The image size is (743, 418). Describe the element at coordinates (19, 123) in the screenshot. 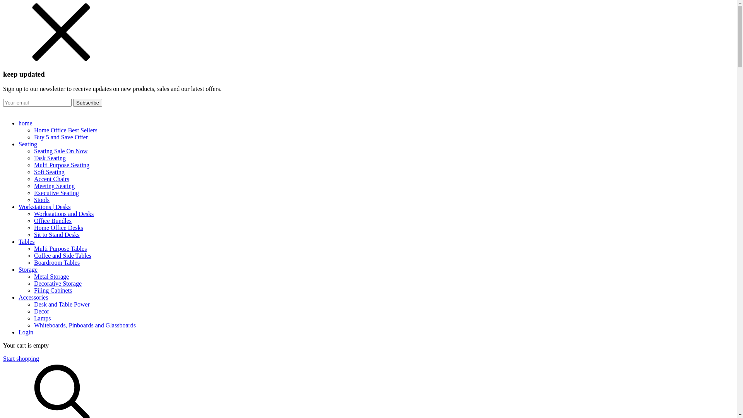

I see `'home'` at that location.